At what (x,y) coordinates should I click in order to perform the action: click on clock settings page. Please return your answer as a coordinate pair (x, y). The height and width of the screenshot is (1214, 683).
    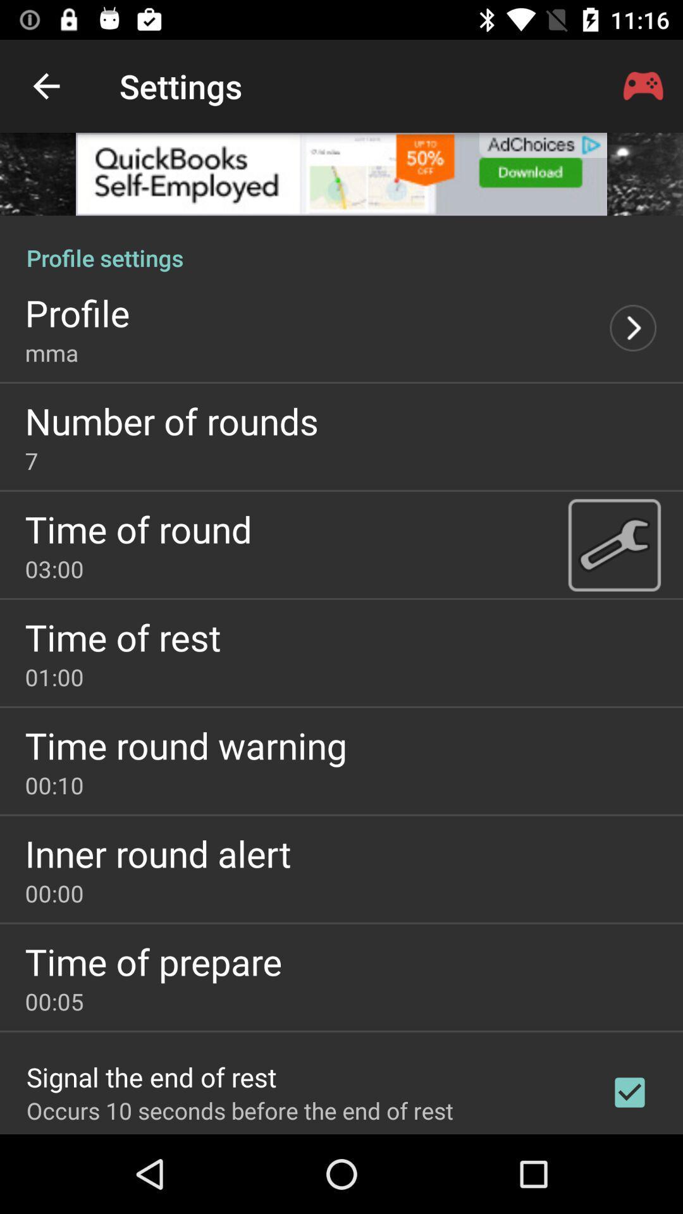
    Looking at the image, I should click on (613, 544).